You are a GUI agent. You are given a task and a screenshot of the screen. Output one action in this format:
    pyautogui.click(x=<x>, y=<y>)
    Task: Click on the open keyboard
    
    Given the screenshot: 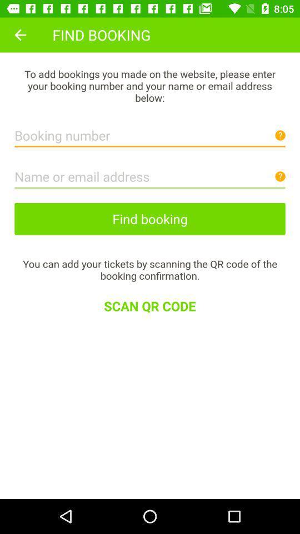 What is the action you would take?
    pyautogui.click(x=150, y=174)
    